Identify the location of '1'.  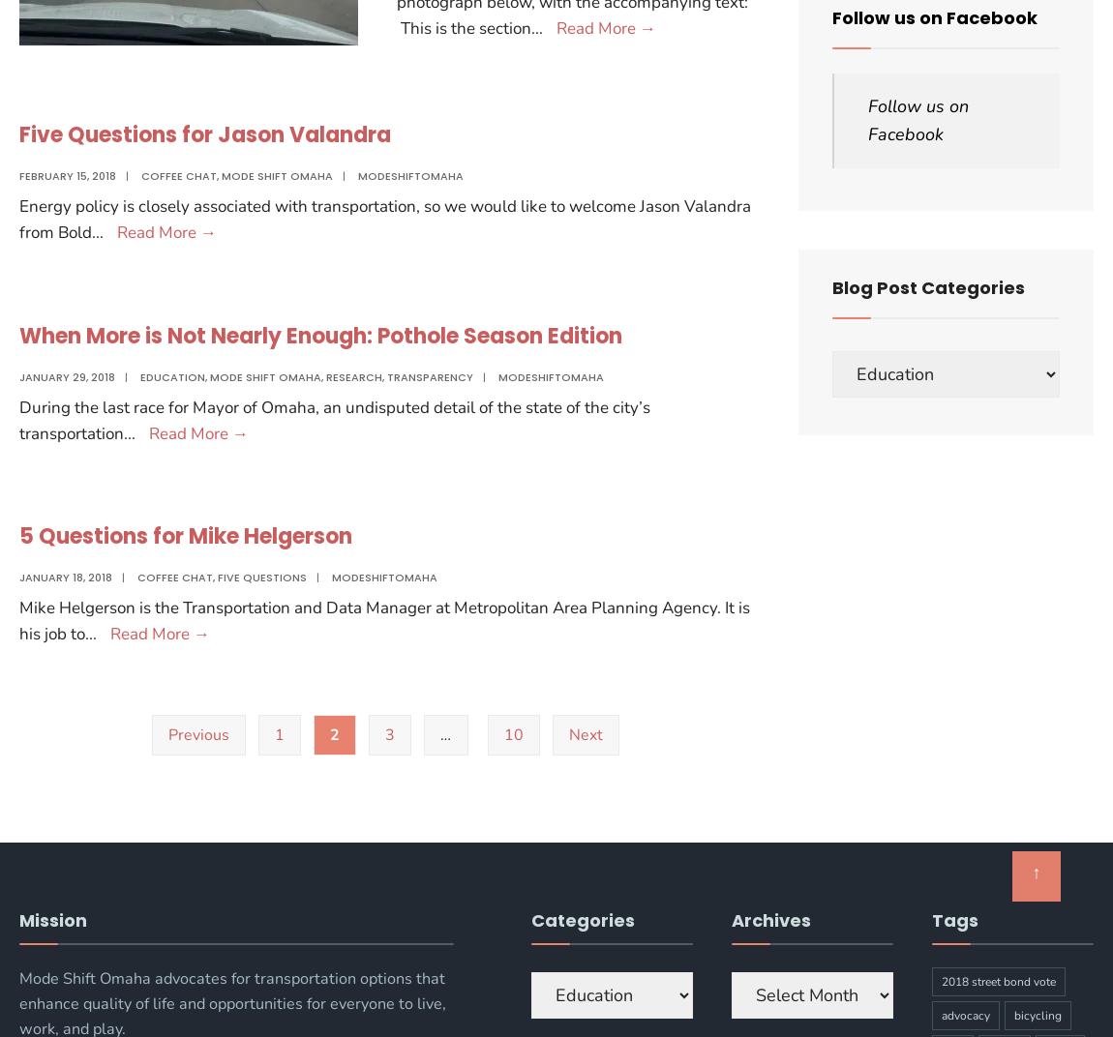
(279, 735).